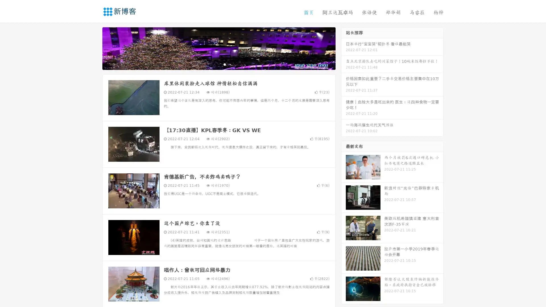  I want to click on Go to slide 2, so click(218, 64).